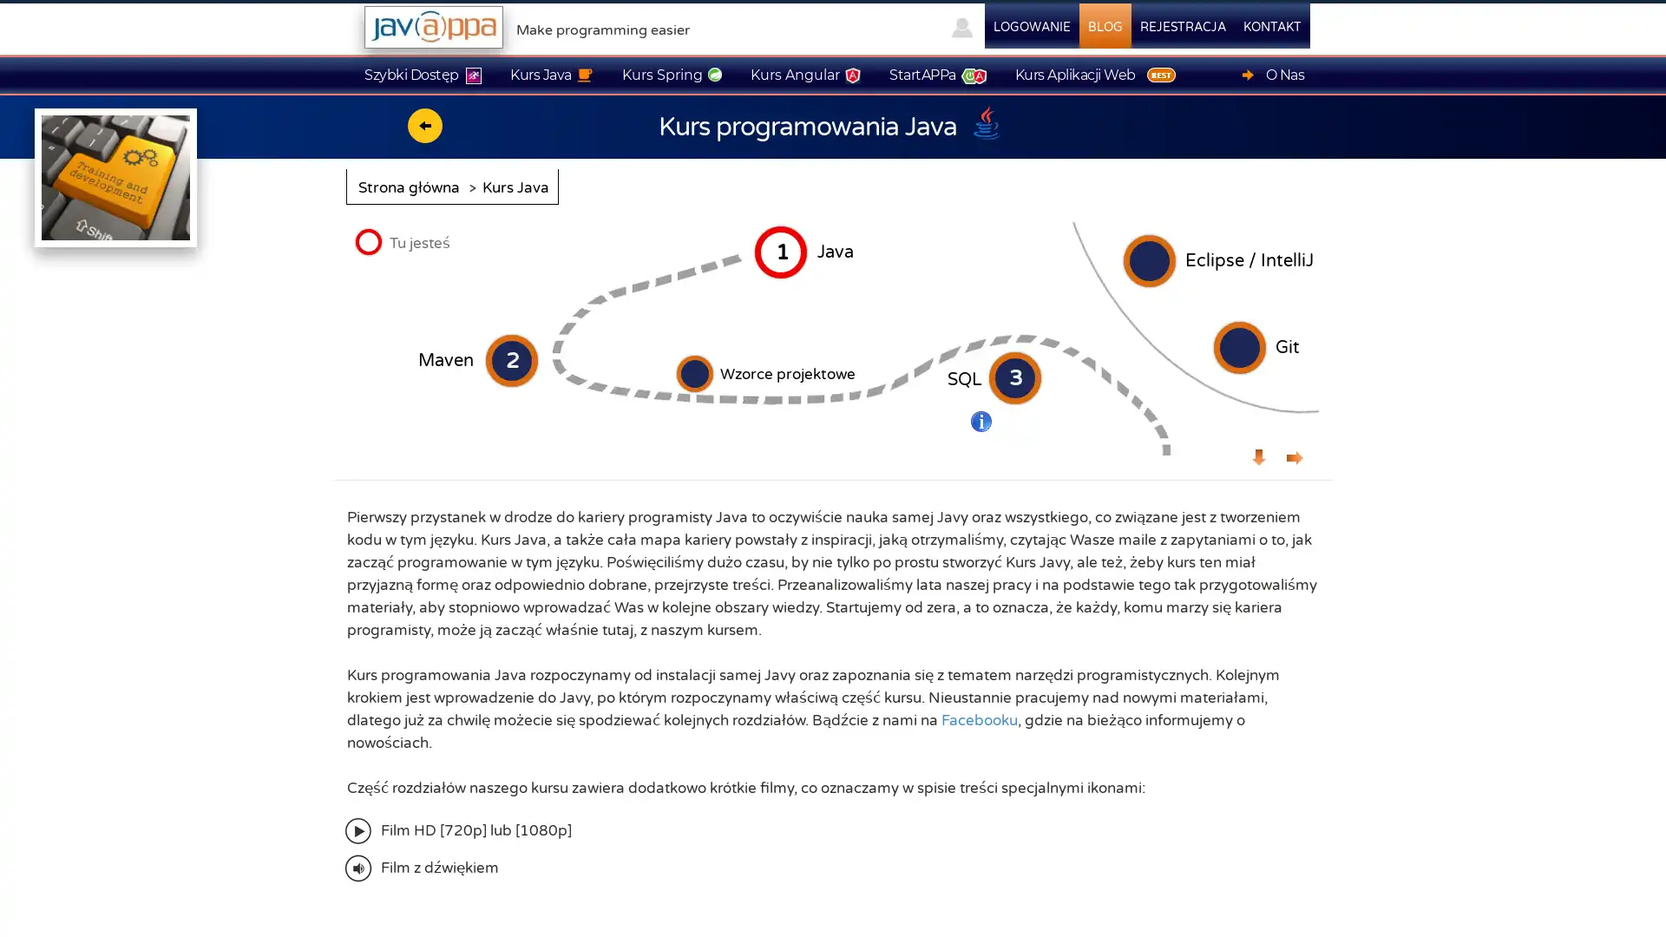 The image size is (1666, 937). What do you see at coordinates (1242, 260) in the screenshot?
I see `Eclipse / IntelliJ` at bounding box center [1242, 260].